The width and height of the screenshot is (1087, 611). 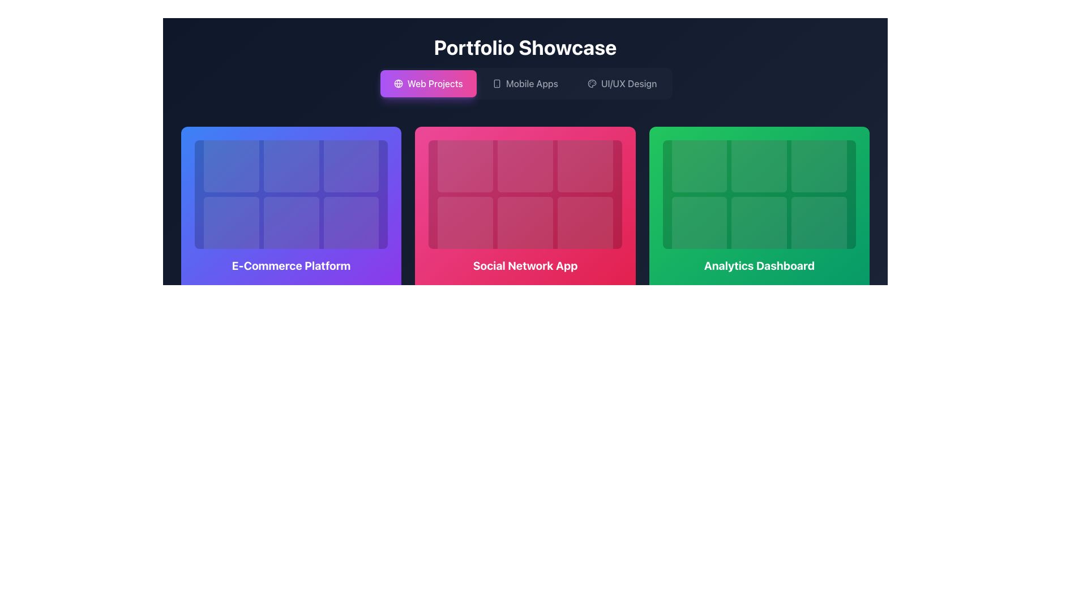 What do you see at coordinates (531, 83) in the screenshot?
I see `text content of the 'Mobile Apps' label, which is a textual label styled with a medium font weight located in the top center portion of the interface within a navigation bar` at bounding box center [531, 83].